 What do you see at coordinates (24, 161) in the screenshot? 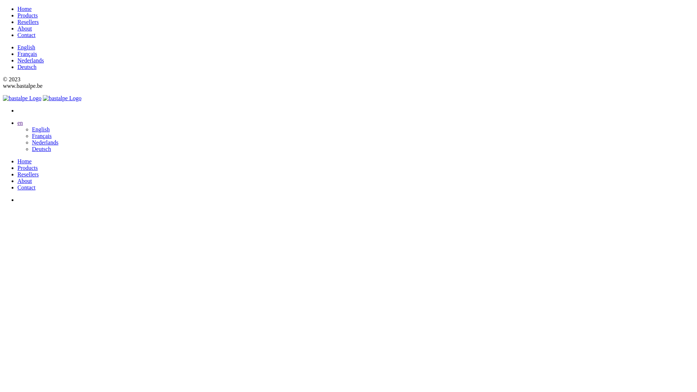
I see `'Home'` at bounding box center [24, 161].